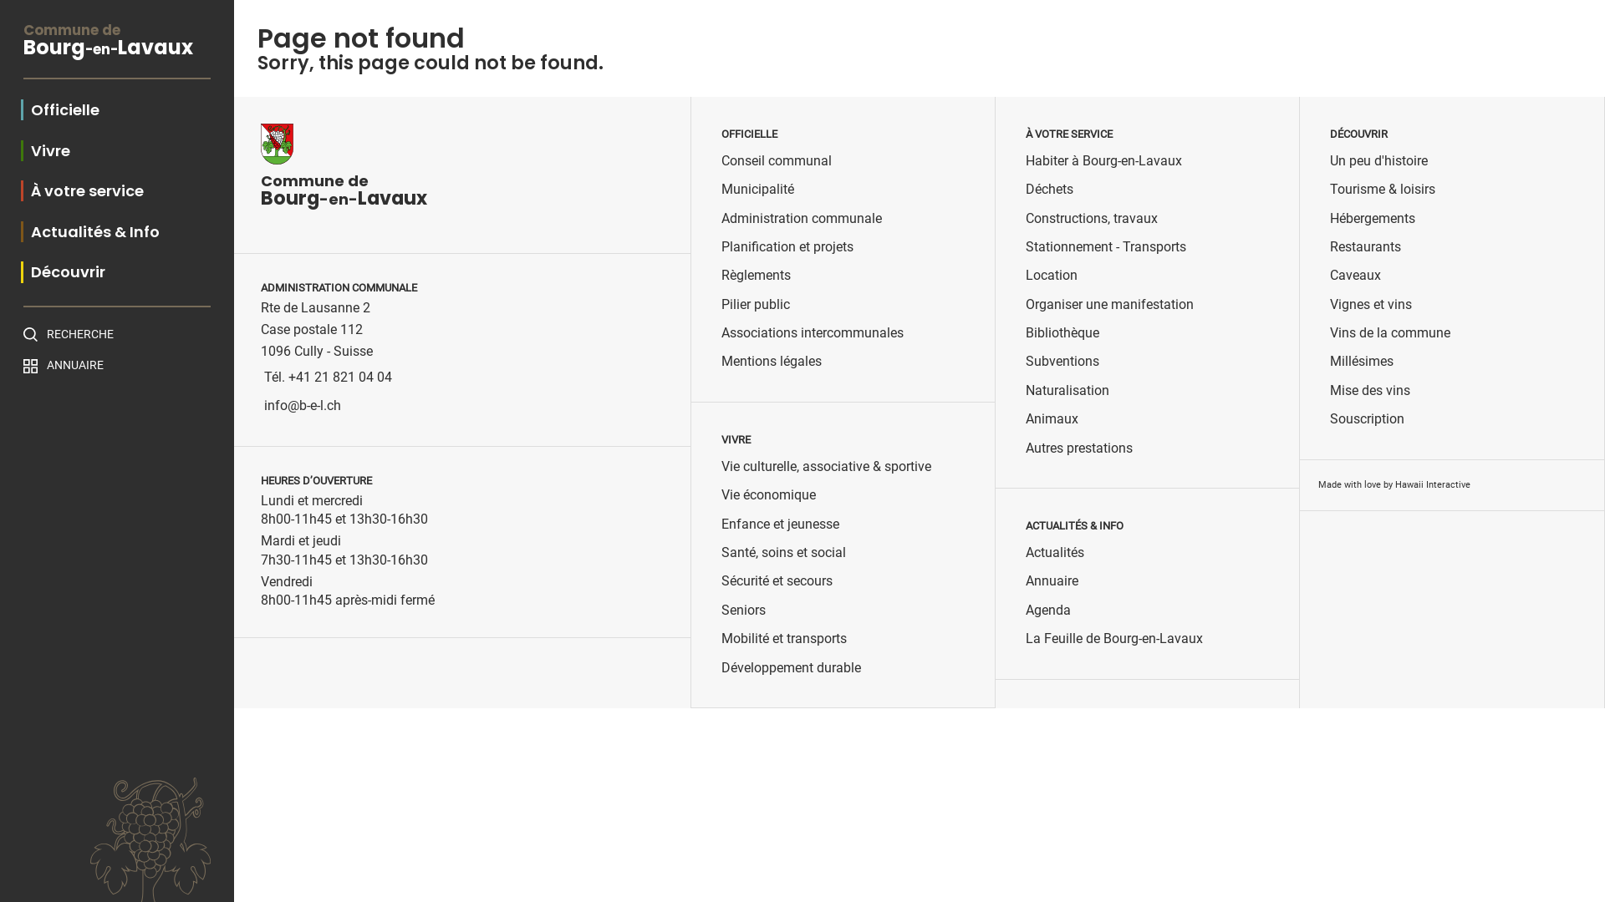 This screenshot has height=902, width=1605. I want to click on 'Vins de la commune', so click(1389, 332).